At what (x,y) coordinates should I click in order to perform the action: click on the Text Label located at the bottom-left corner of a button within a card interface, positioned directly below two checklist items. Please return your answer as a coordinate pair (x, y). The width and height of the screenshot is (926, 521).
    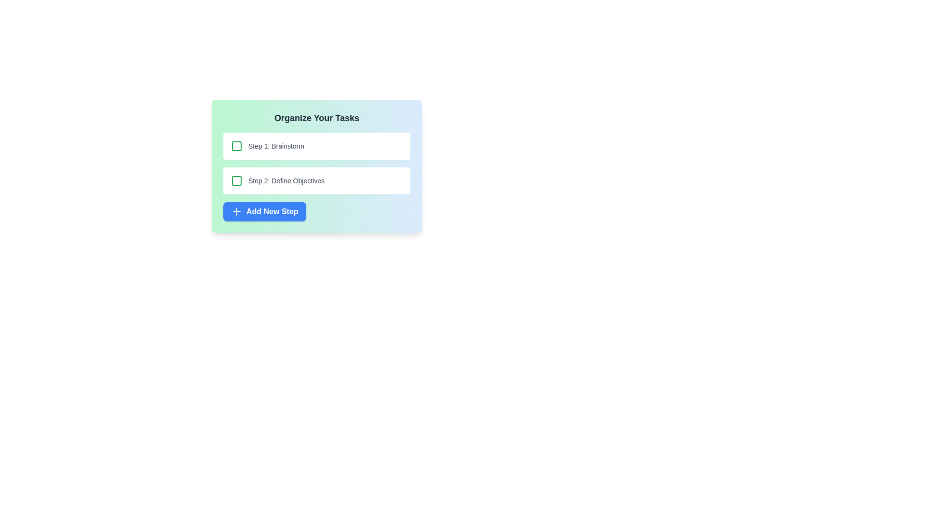
    Looking at the image, I should click on (272, 211).